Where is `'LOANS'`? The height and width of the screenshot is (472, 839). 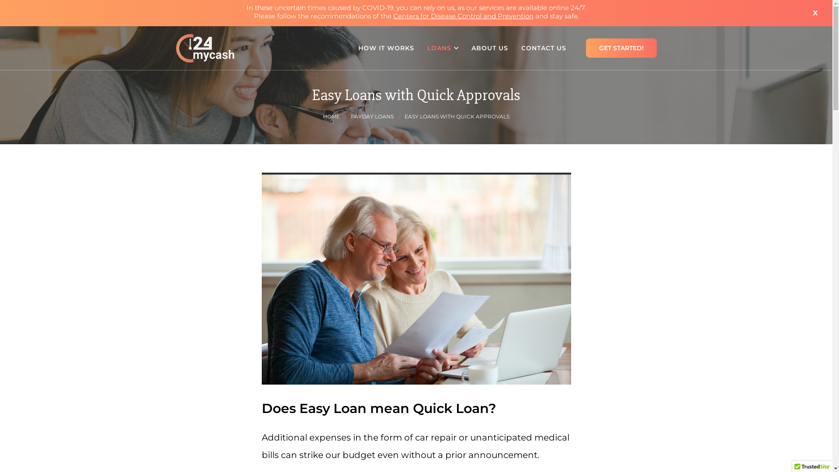
'LOANS' is located at coordinates (420, 48).